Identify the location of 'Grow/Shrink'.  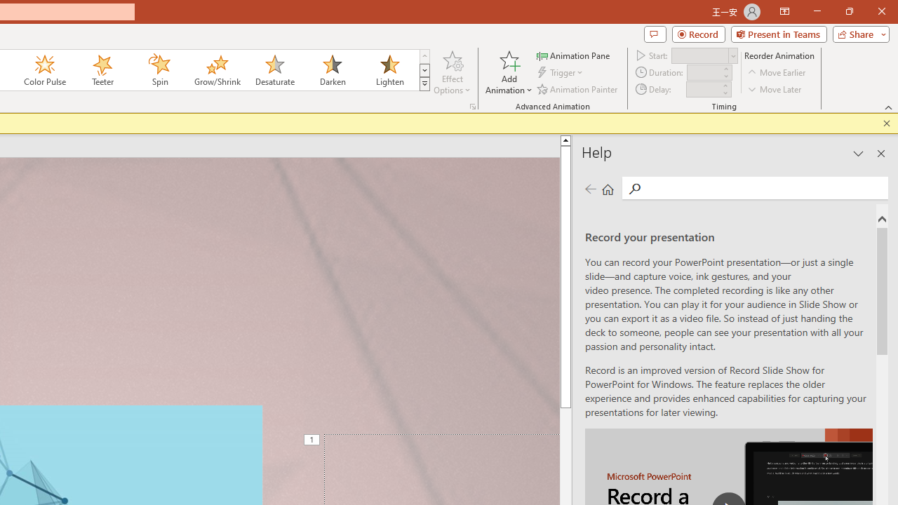
(216, 70).